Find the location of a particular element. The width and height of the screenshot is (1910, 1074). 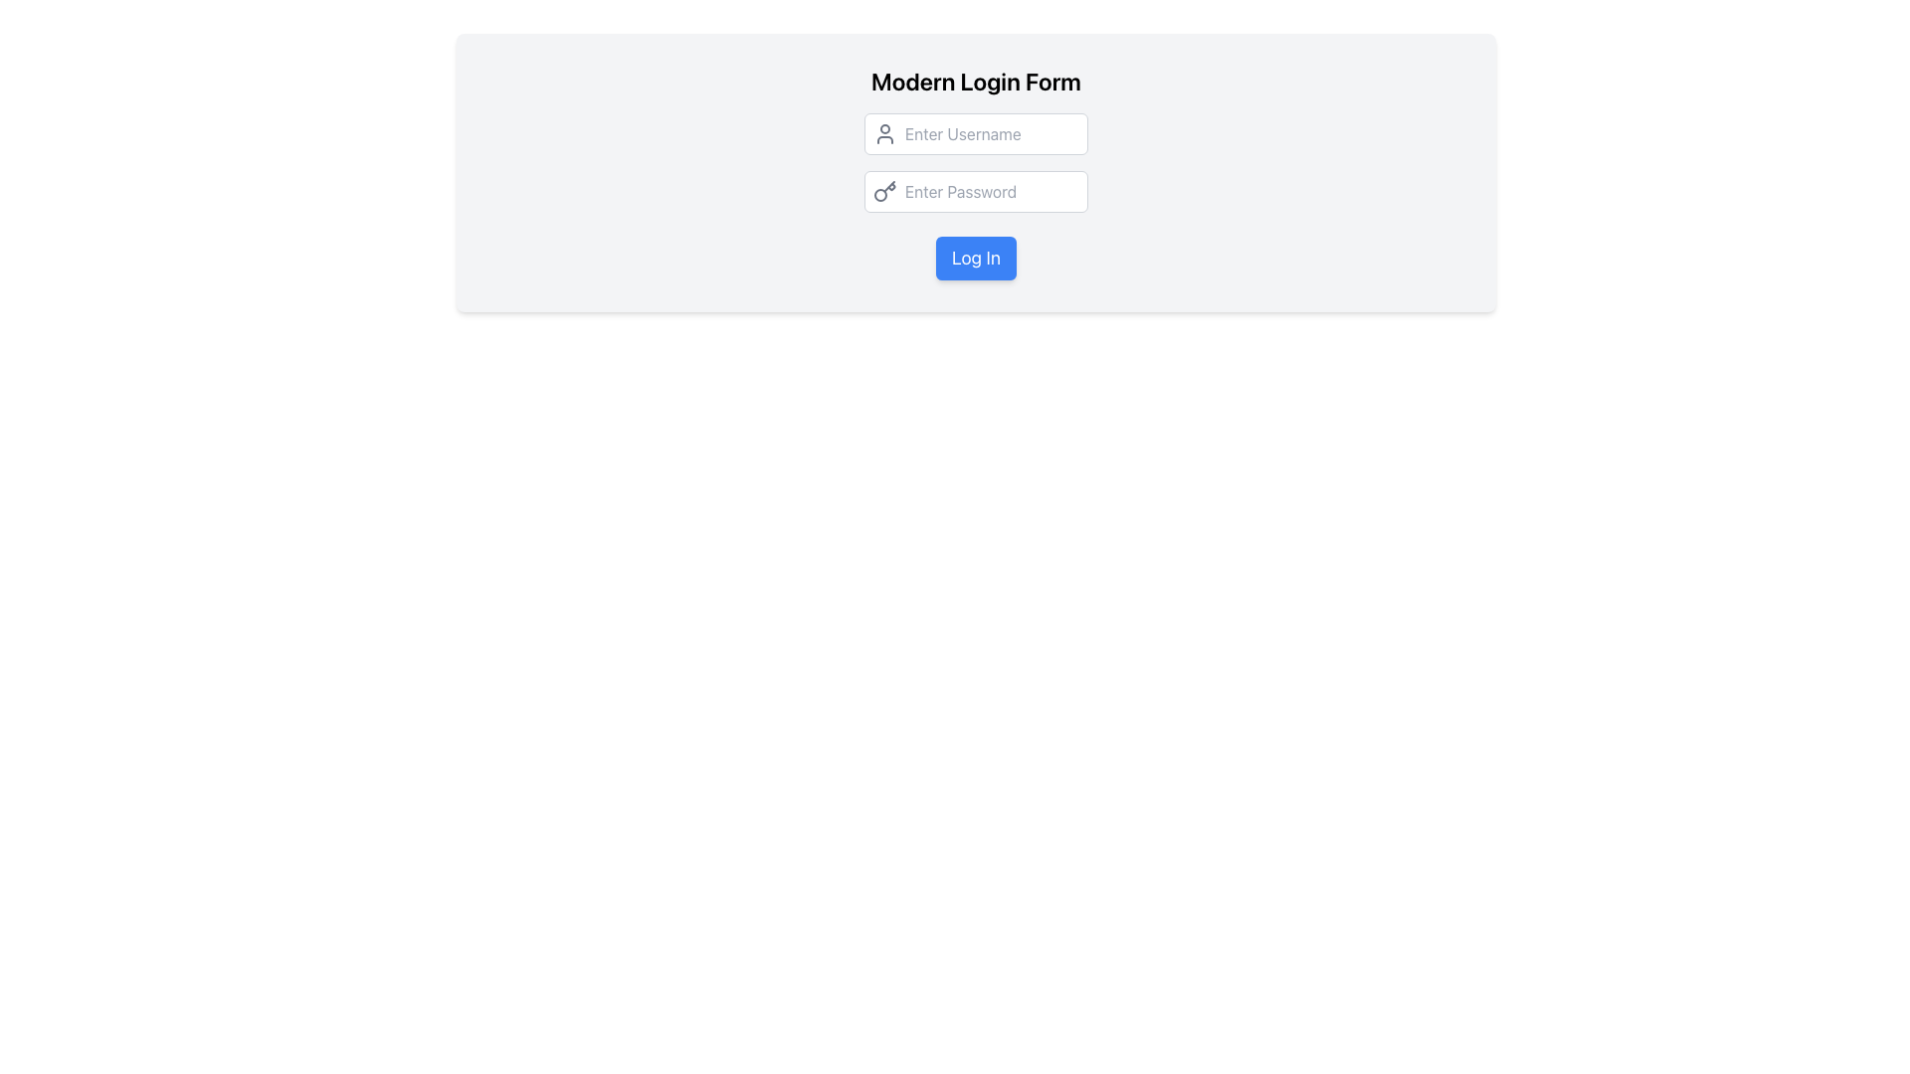

the icon that visually represents the username input field, located to the left of the 'Enter Username' text input box is located at coordinates (883, 134).